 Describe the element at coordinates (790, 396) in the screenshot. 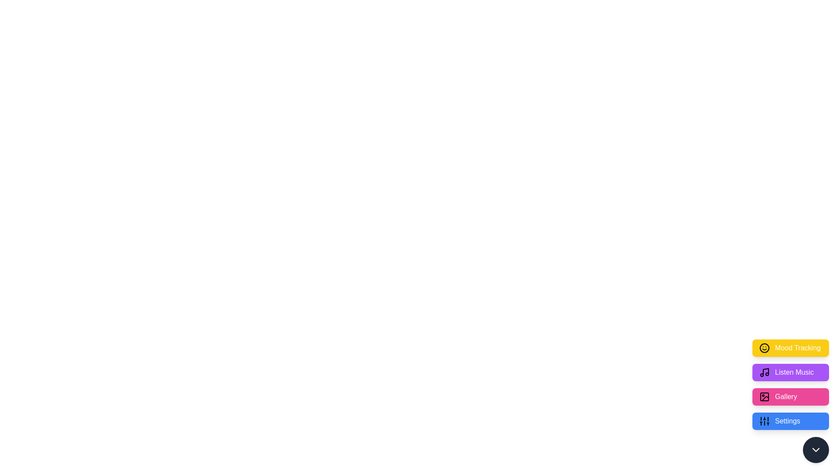

I see `the 'Gallery' button to activate the action` at that location.